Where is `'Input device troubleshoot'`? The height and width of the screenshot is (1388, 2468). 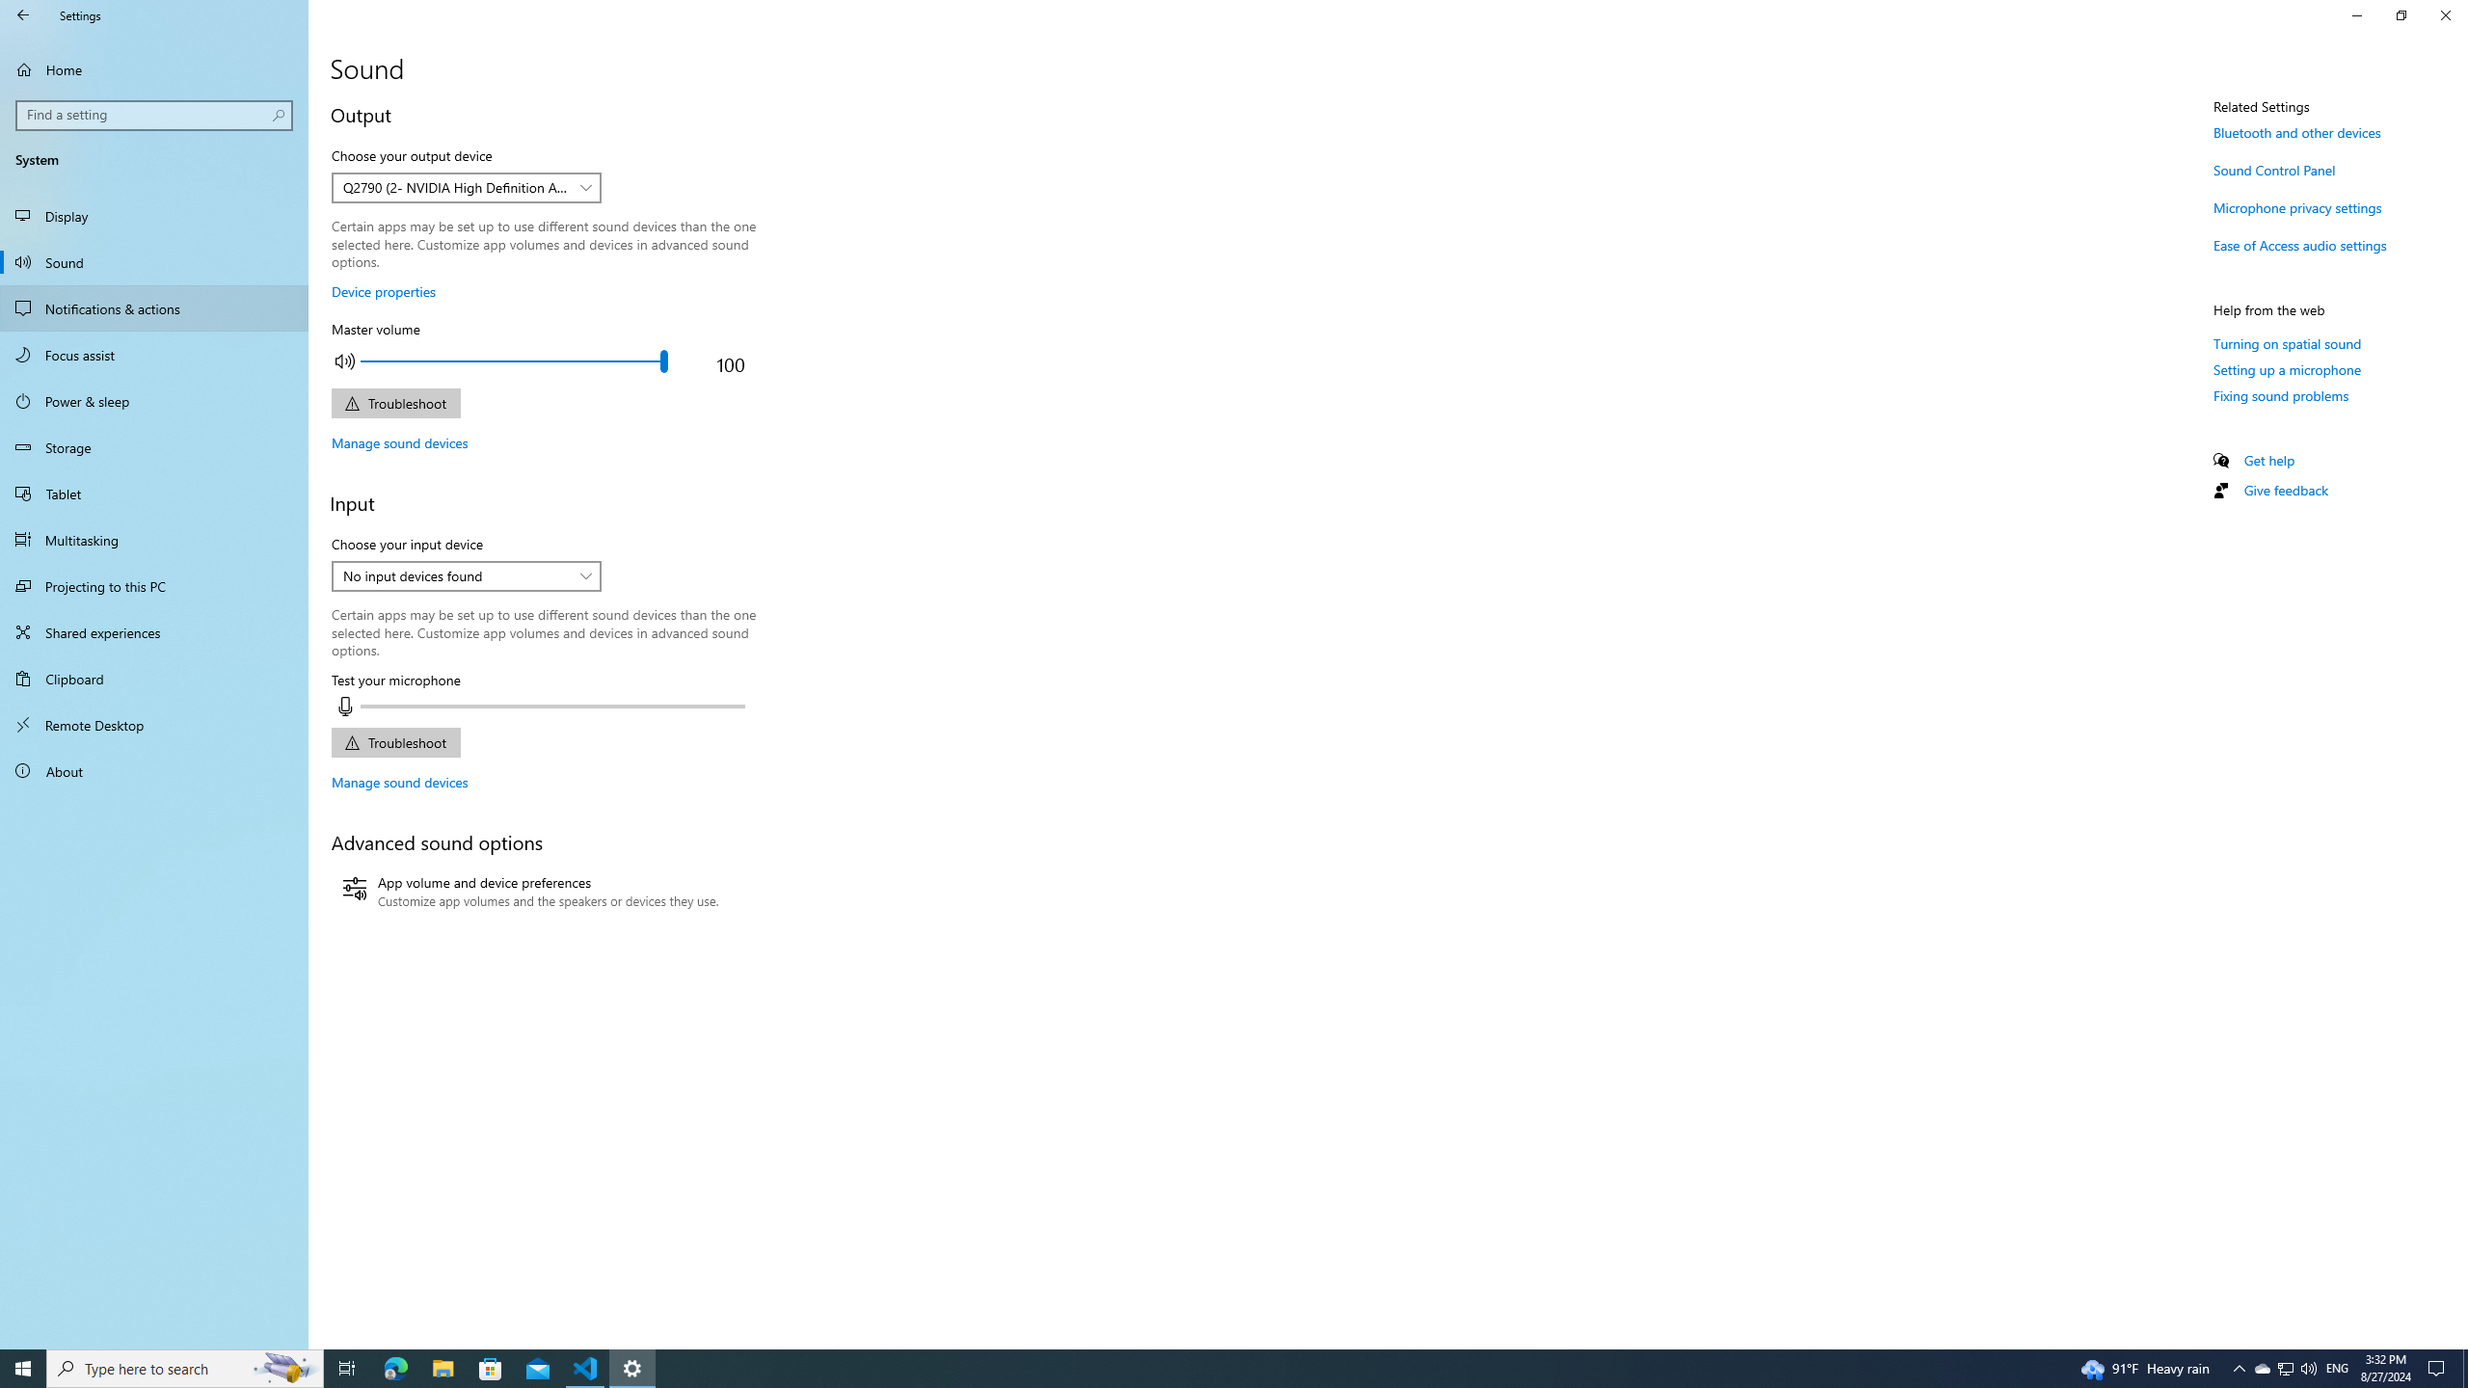
'Input device troubleshoot' is located at coordinates (394, 741).